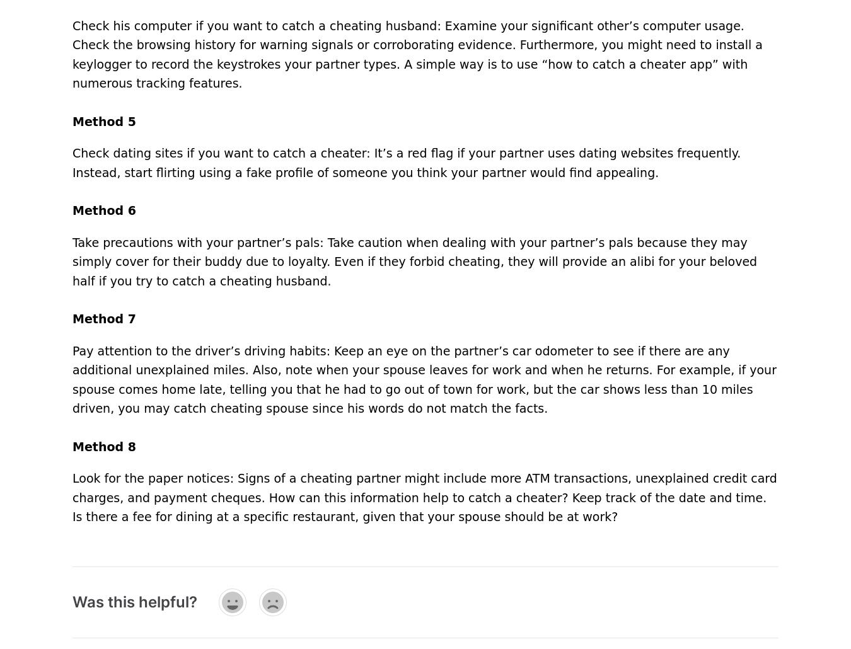  I want to click on 'Was this helpful?', so click(134, 601).